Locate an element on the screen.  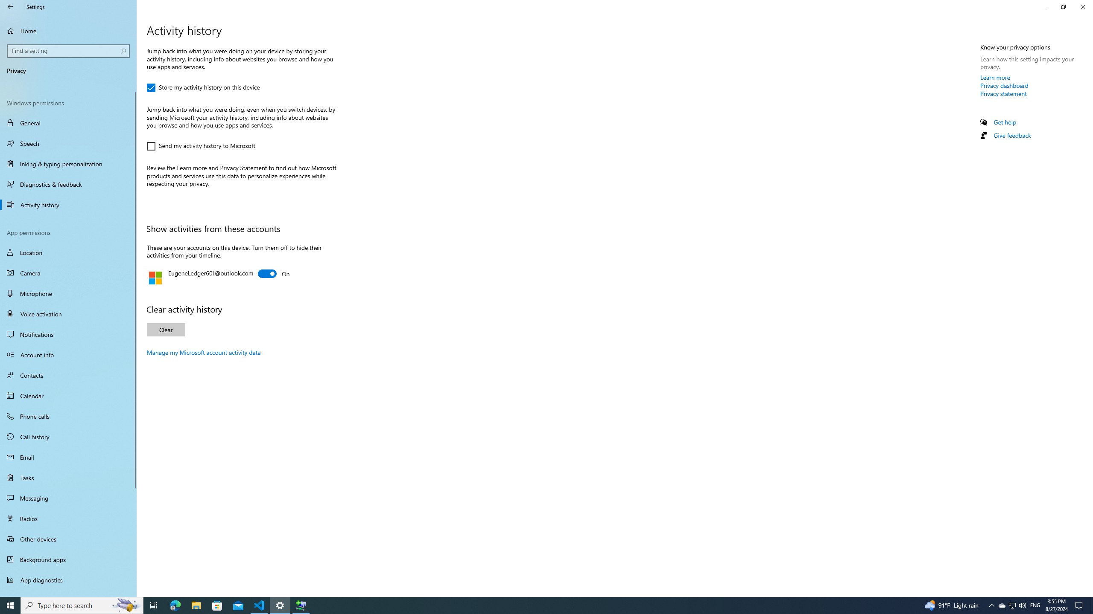
'Tasks' is located at coordinates (68, 477).